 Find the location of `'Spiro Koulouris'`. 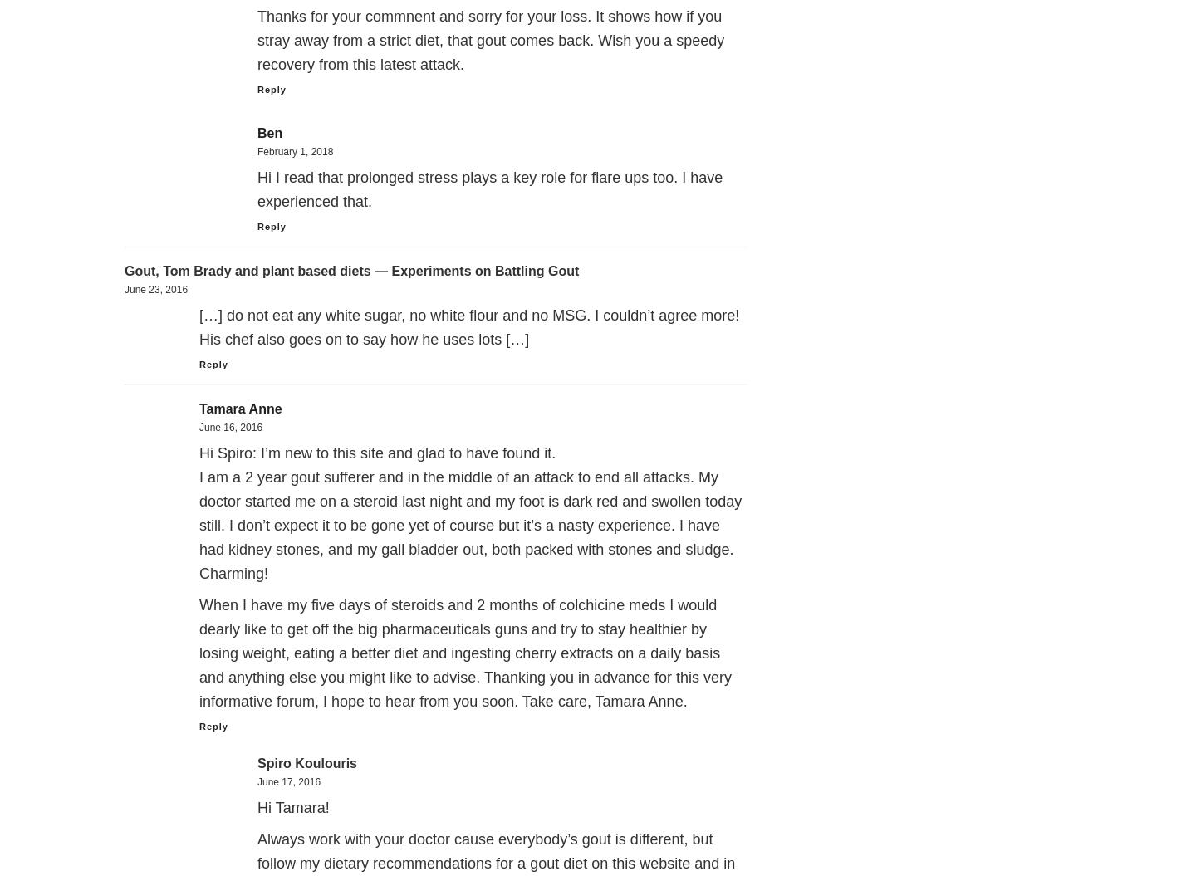

'Spiro Koulouris' is located at coordinates (306, 762).